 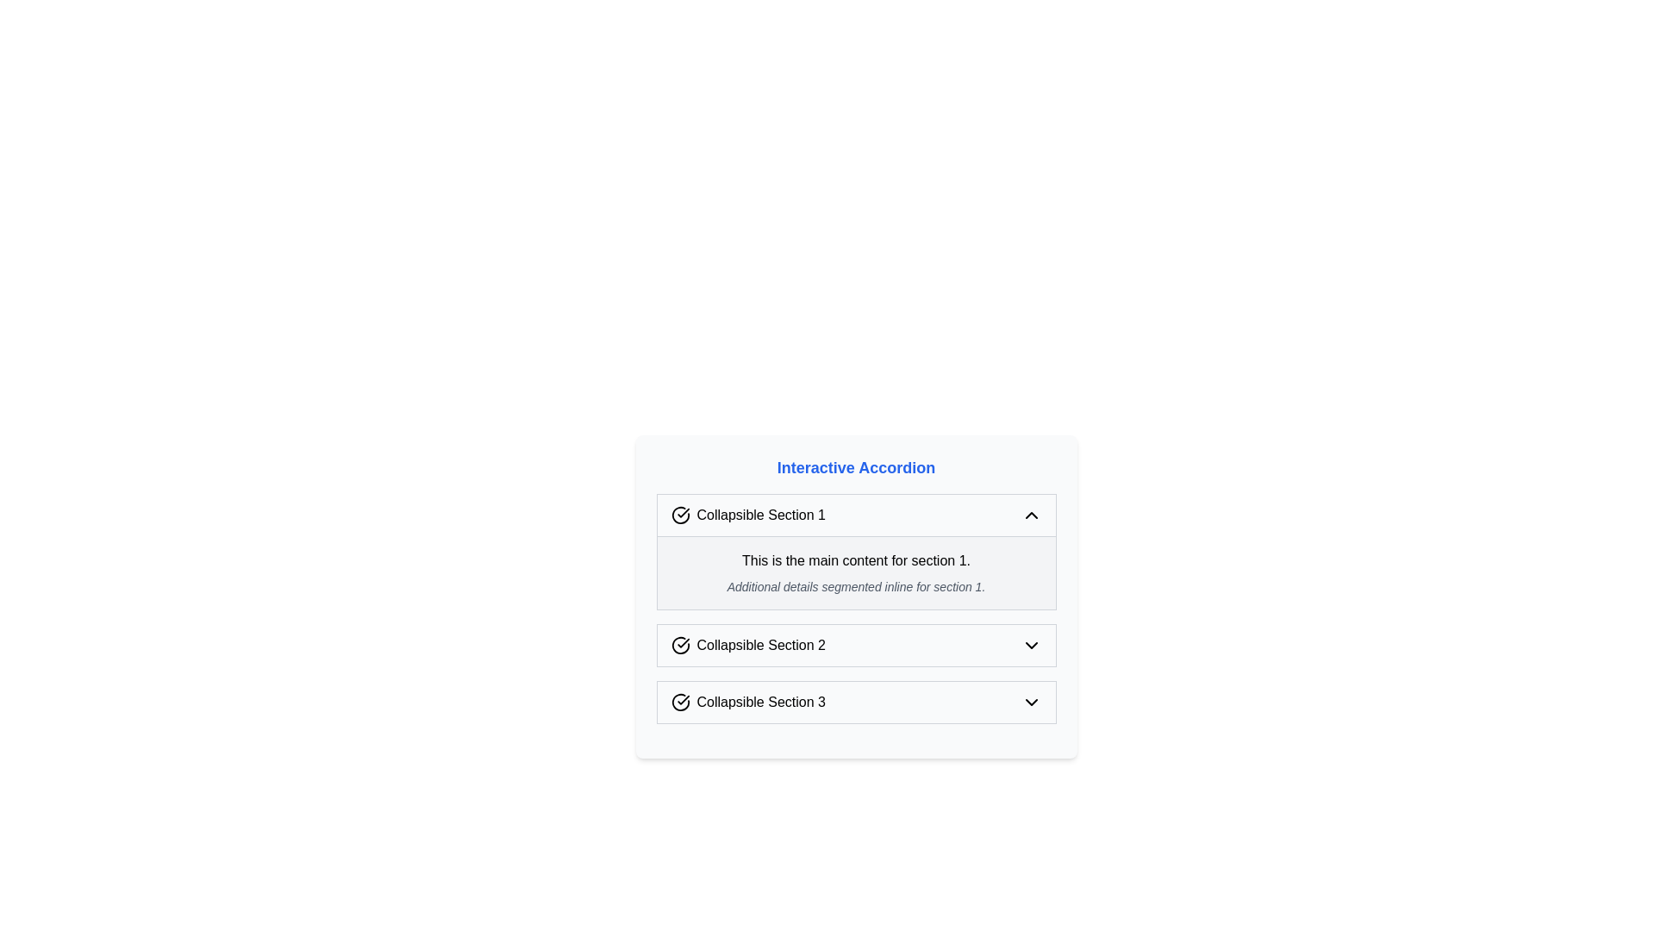 I want to click on the header of the third collapsible section in the accordion interface, so click(x=748, y=702).